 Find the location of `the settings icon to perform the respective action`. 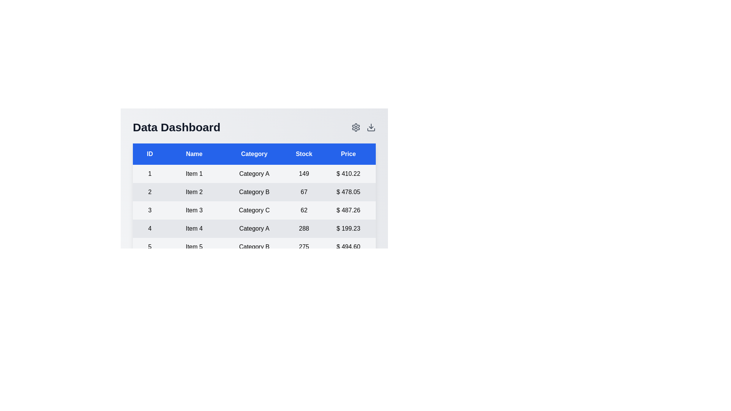

the settings icon to perform the respective action is located at coordinates (356, 127).